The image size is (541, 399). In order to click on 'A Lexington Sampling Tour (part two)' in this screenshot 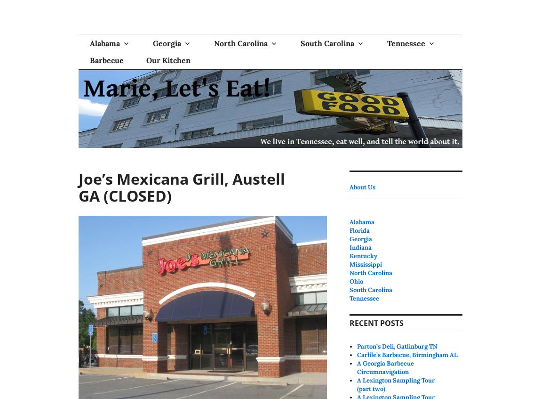, I will do `click(395, 384)`.